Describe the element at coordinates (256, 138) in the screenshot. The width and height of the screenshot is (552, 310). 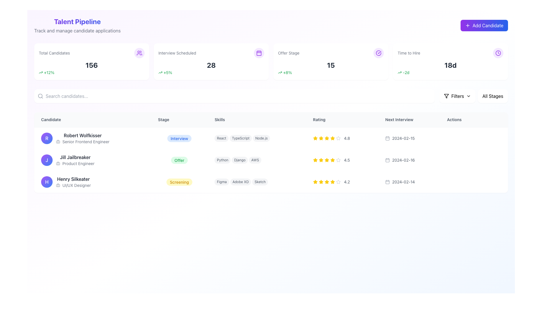
I see `the group of non-interactive badge components displaying the skills associated with candidate Robert Wolfkisser, located in the 'Skills' column of the main table` at that location.